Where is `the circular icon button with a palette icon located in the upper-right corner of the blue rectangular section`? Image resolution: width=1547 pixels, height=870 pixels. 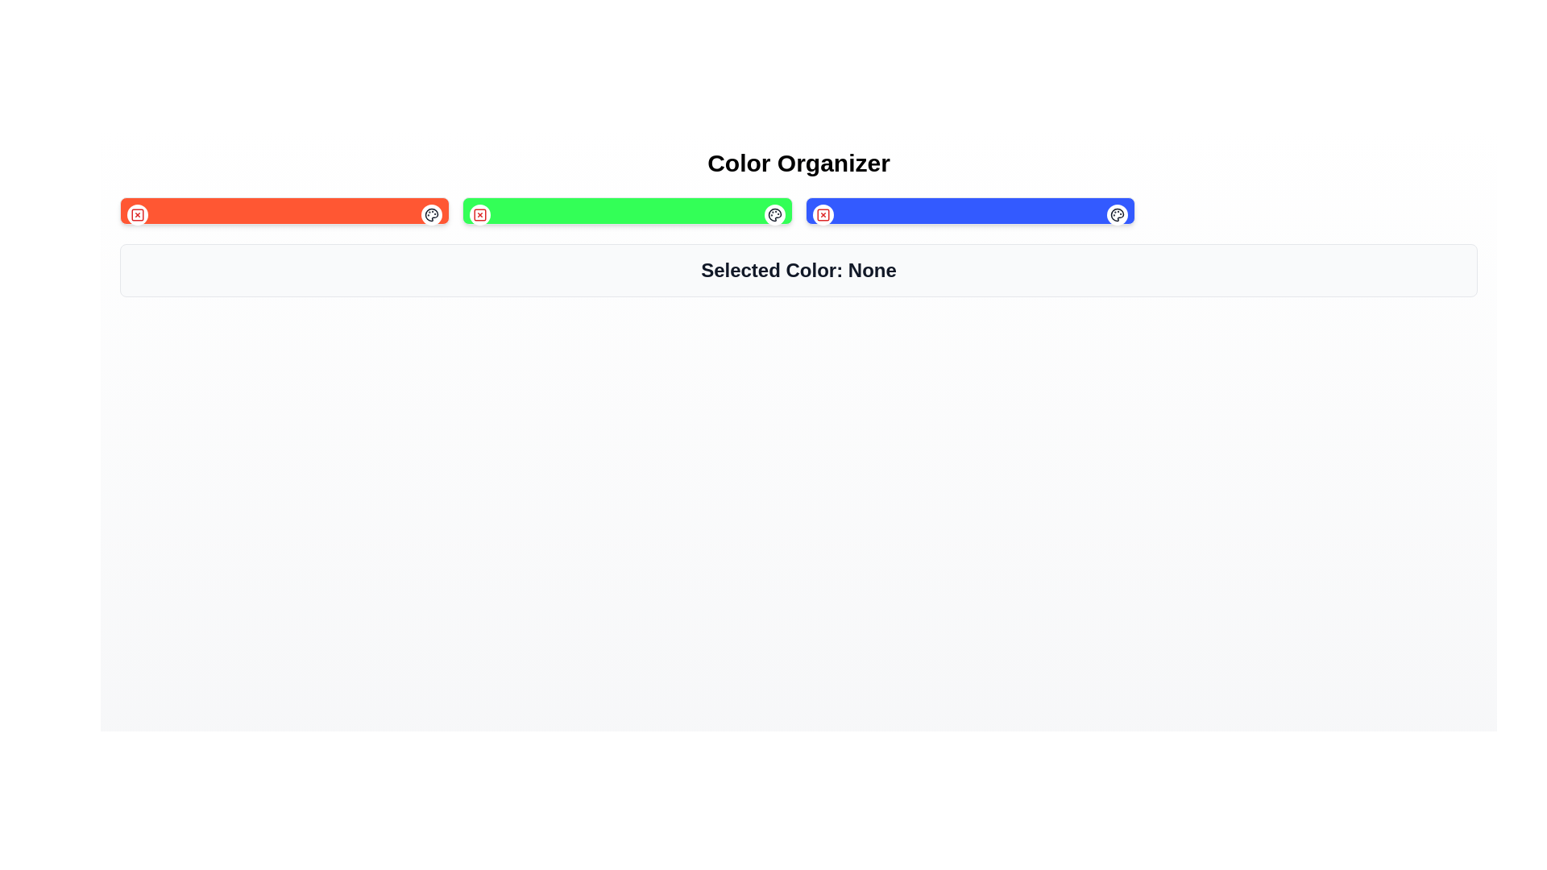 the circular icon button with a palette icon located in the upper-right corner of the blue rectangular section is located at coordinates (1116, 213).